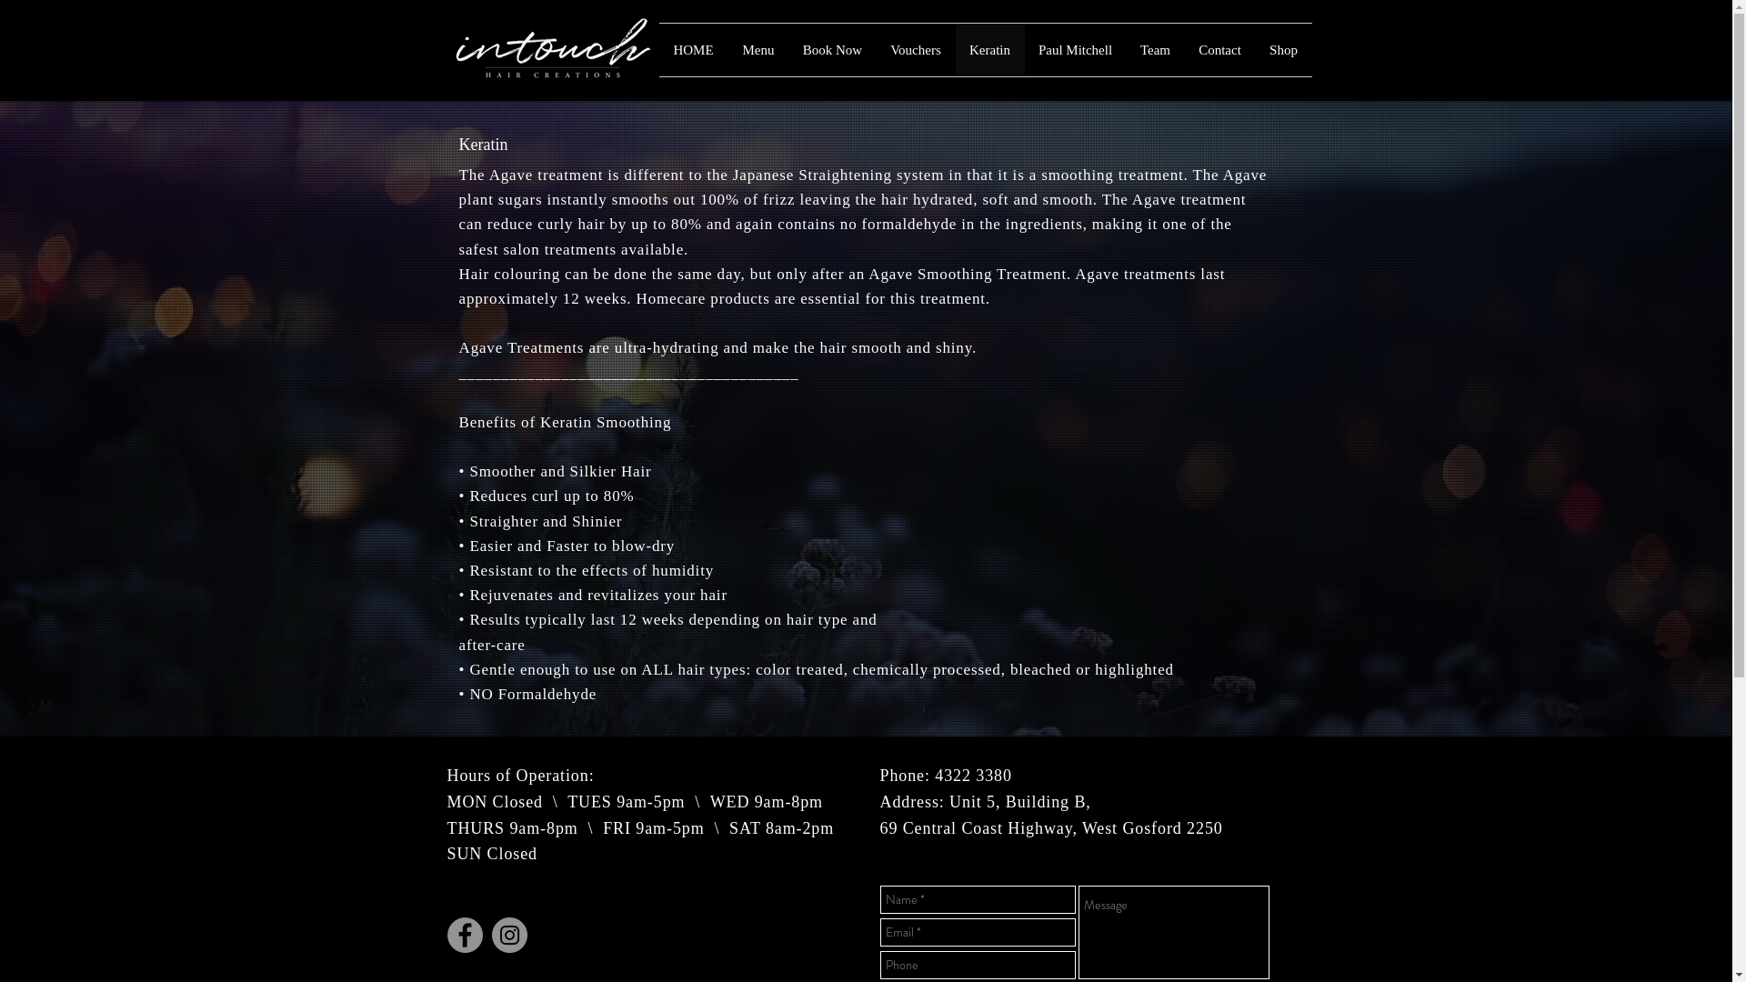 This screenshot has width=1746, height=982. Describe the element at coordinates (988, 48) in the screenshot. I see `'Keratin'` at that location.